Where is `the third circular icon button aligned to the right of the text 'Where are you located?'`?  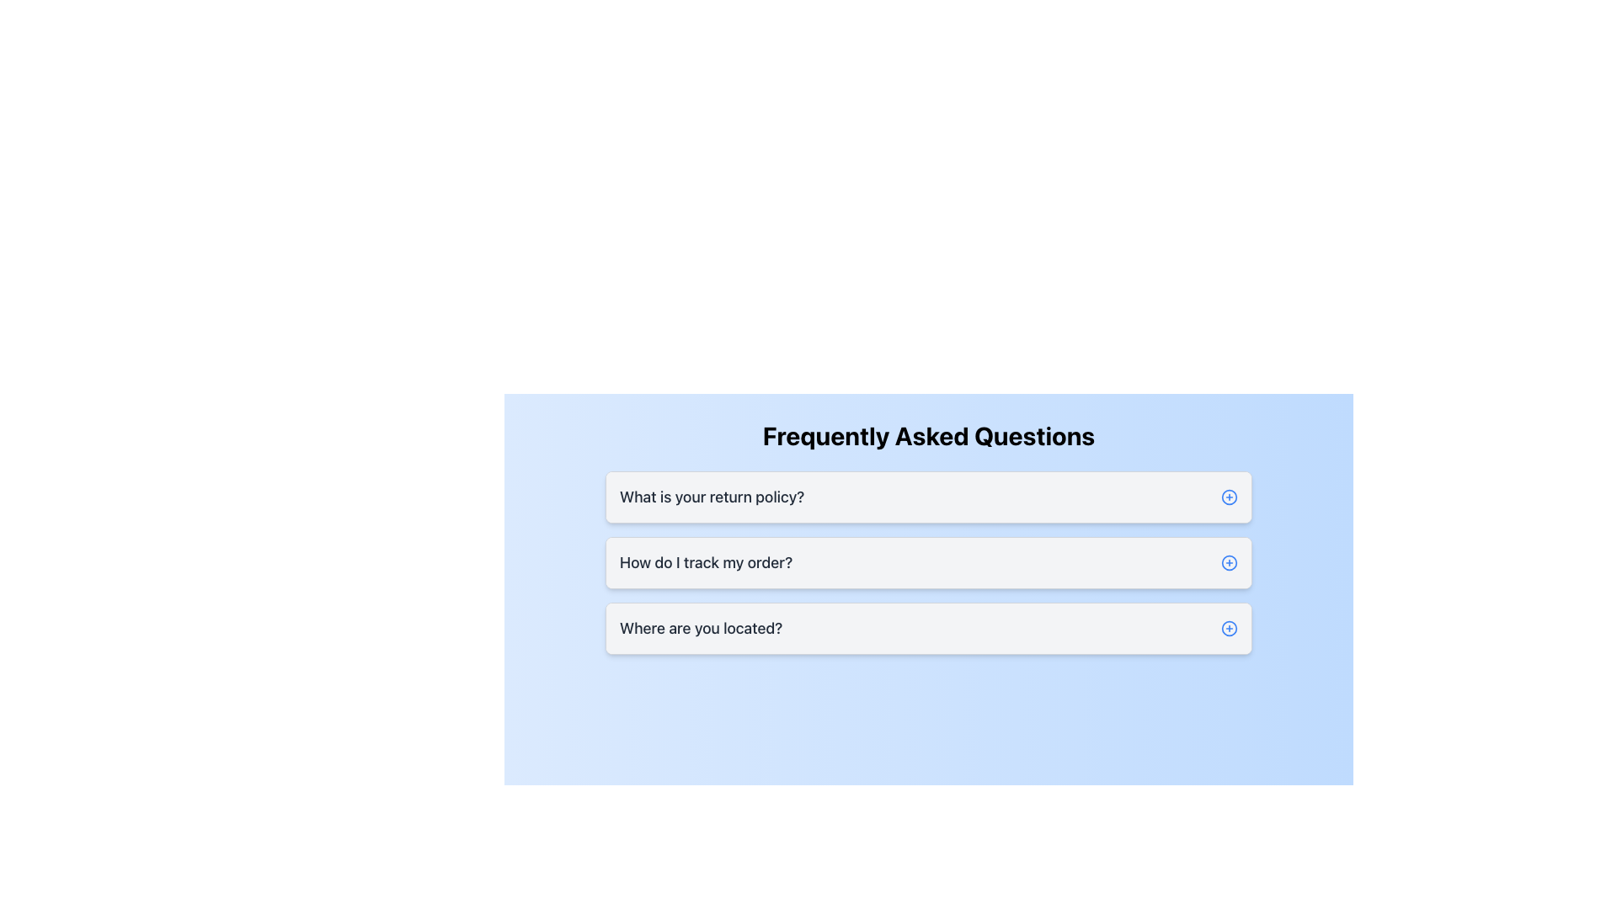
the third circular icon button aligned to the right of the text 'Where are you located?' is located at coordinates (1229, 629).